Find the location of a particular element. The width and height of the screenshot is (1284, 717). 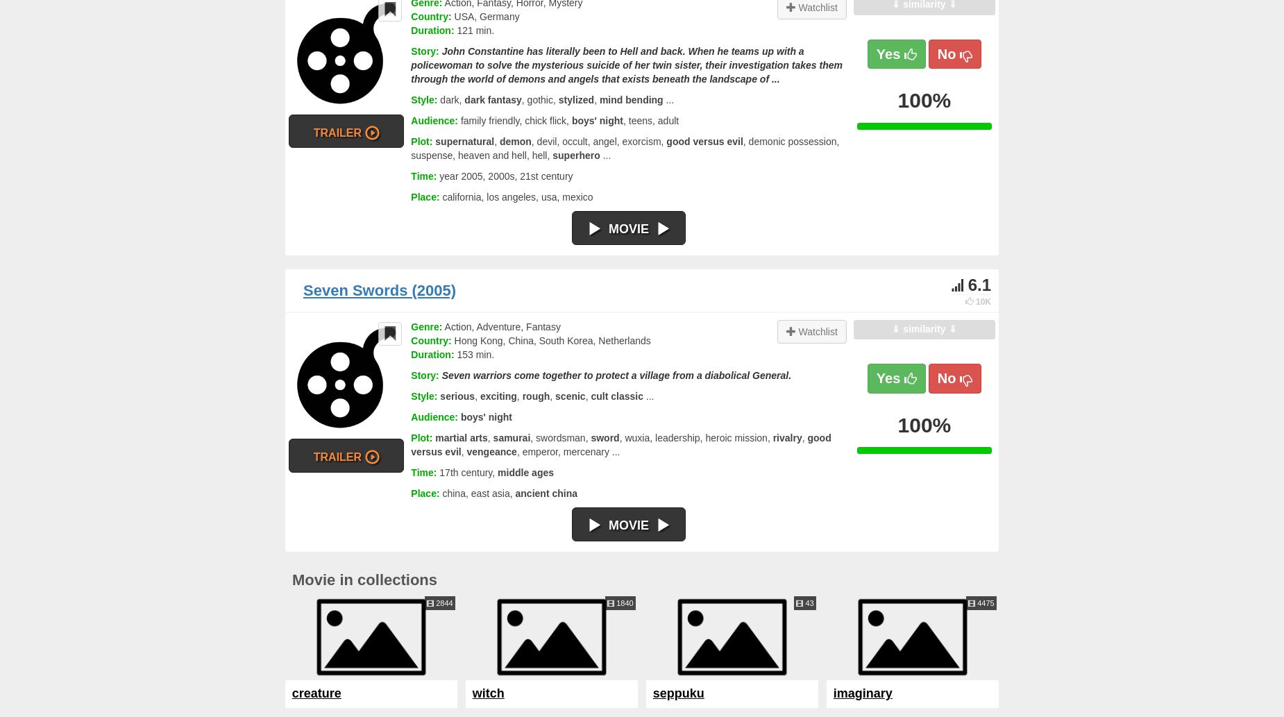

'6.1' is located at coordinates (979, 284).